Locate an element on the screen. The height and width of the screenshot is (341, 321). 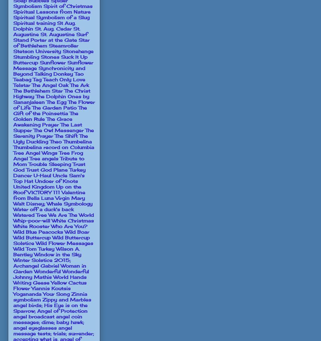
'Trust God Plane' is located at coordinates (26, 169).